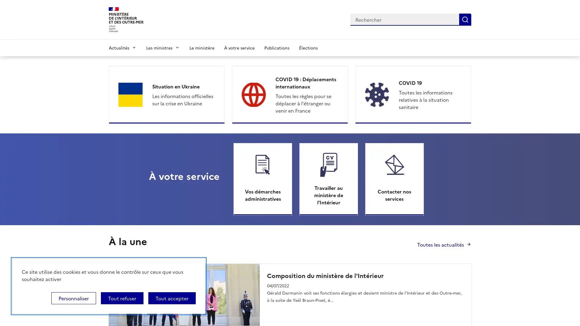 This screenshot has width=580, height=326. What do you see at coordinates (73, 298) in the screenshot?
I see `Personnaliser (fenetre modale)` at bounding box center [73, 298].